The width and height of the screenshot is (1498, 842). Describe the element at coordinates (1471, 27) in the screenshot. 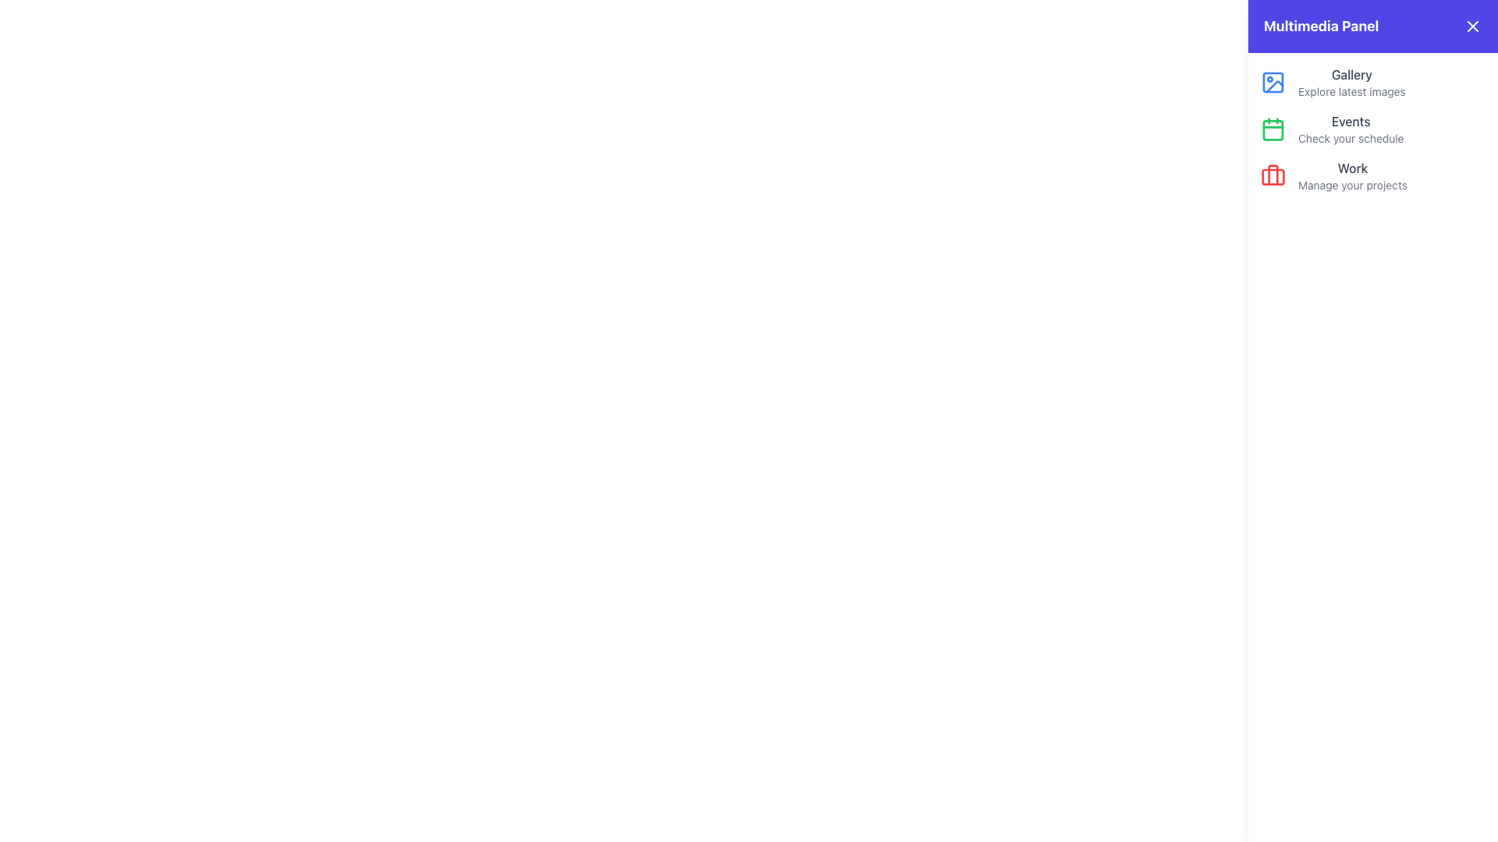

I see `the close button represented by a small 'X' icon in white on a purple background located in the top-right corner of the 'Multimedia Panel' header` at that location.